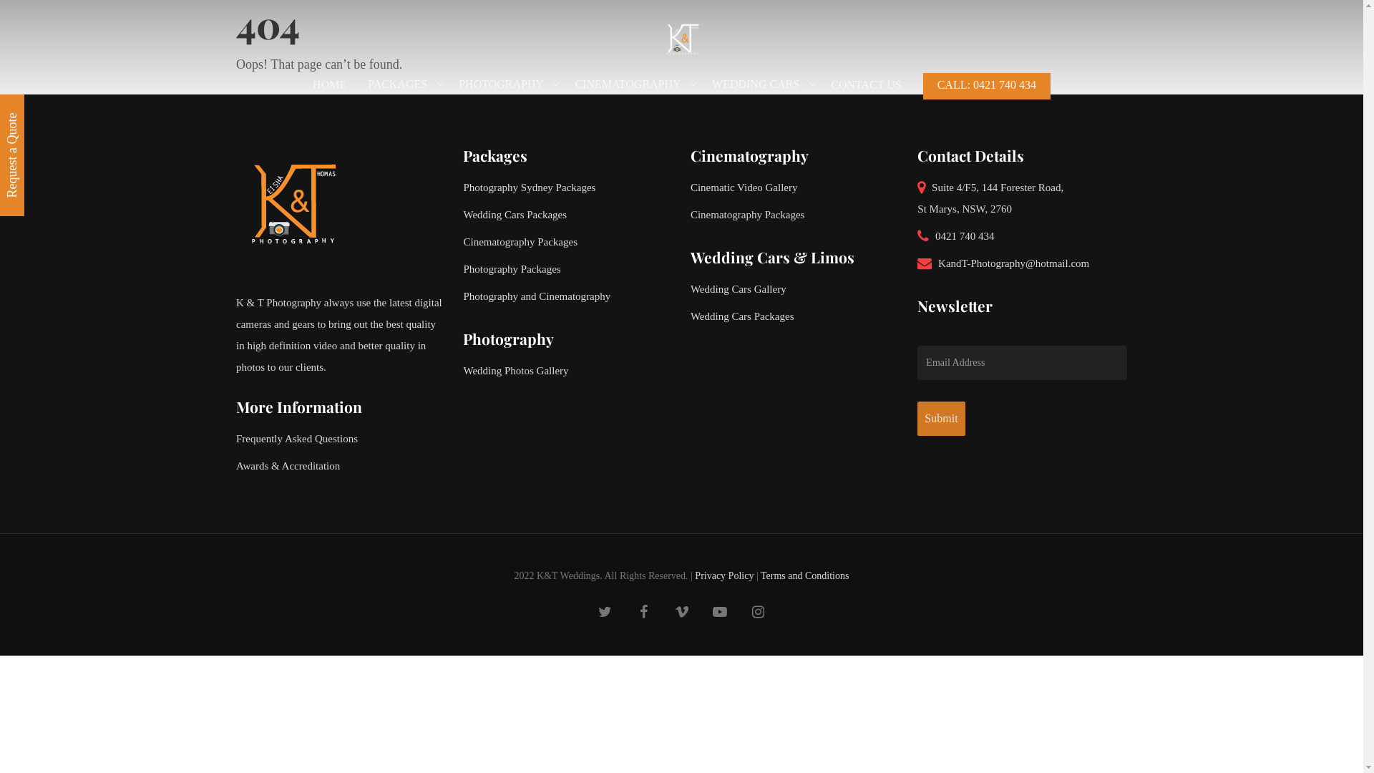 The width and height of the screenshot is (1374, 773). Describe the element at coordinates (1021, 198) in the screenshot. I see `'Suite 4/F5, 144 Forester Road,` at that location.